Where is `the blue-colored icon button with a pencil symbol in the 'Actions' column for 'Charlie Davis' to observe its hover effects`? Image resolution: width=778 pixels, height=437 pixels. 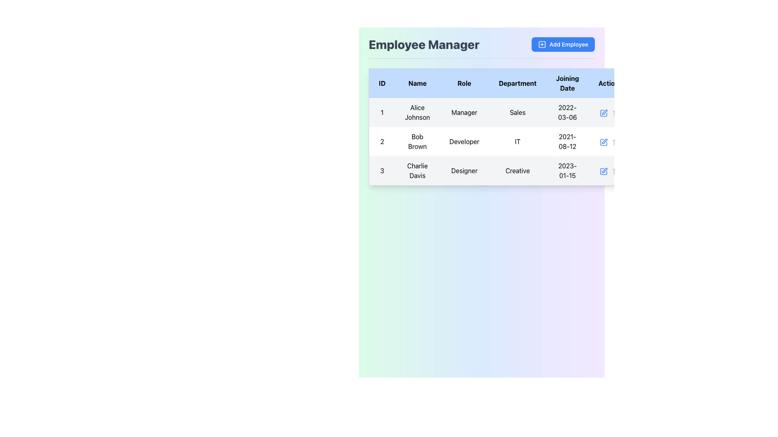 the blue-colored icon button with a pencil symbol in the 'Actions' column for 'Charlie Davis' to observe its hover effects is located at coordinates (604, 170).